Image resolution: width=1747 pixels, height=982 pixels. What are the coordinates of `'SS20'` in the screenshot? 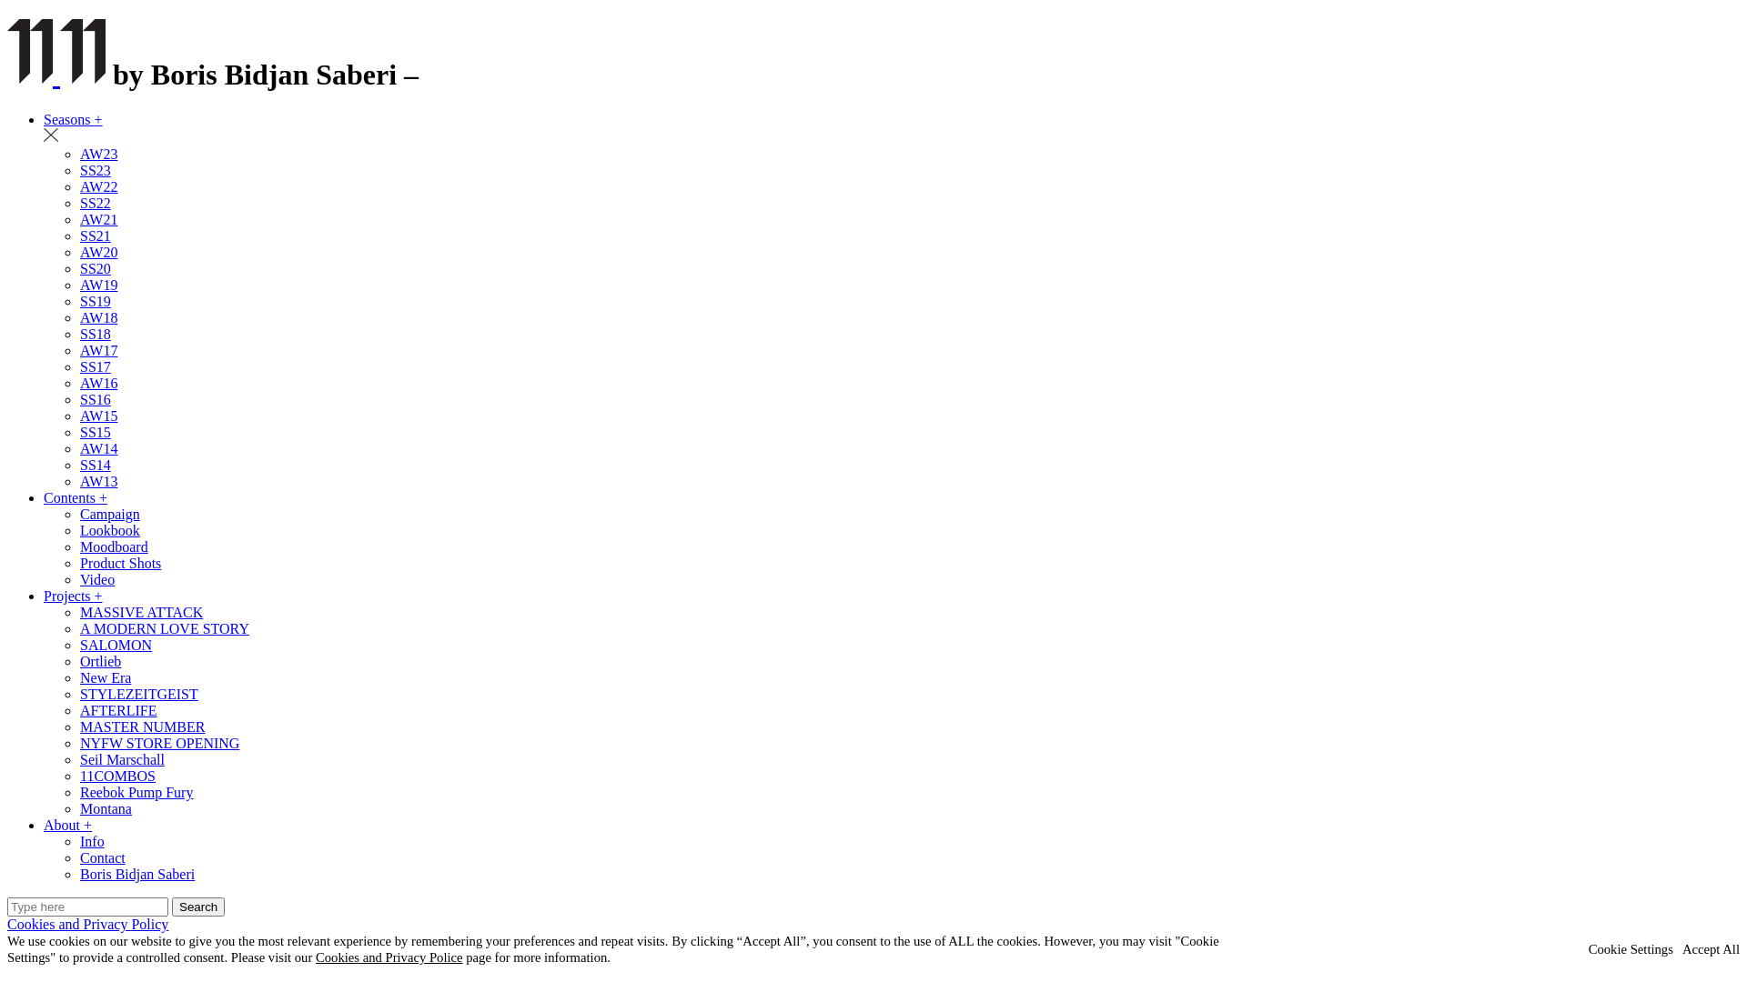 It's located at (78, 268).